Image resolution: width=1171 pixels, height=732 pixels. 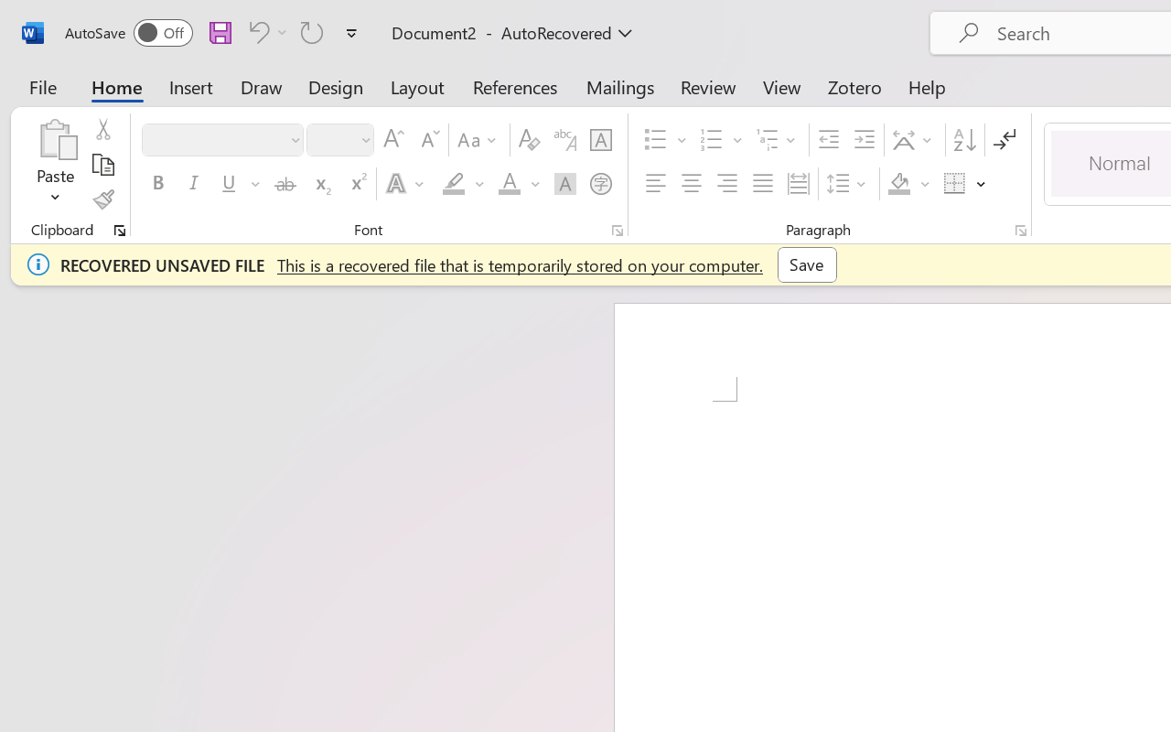 I want to click on 'Justify', so click(x=763, y=184).